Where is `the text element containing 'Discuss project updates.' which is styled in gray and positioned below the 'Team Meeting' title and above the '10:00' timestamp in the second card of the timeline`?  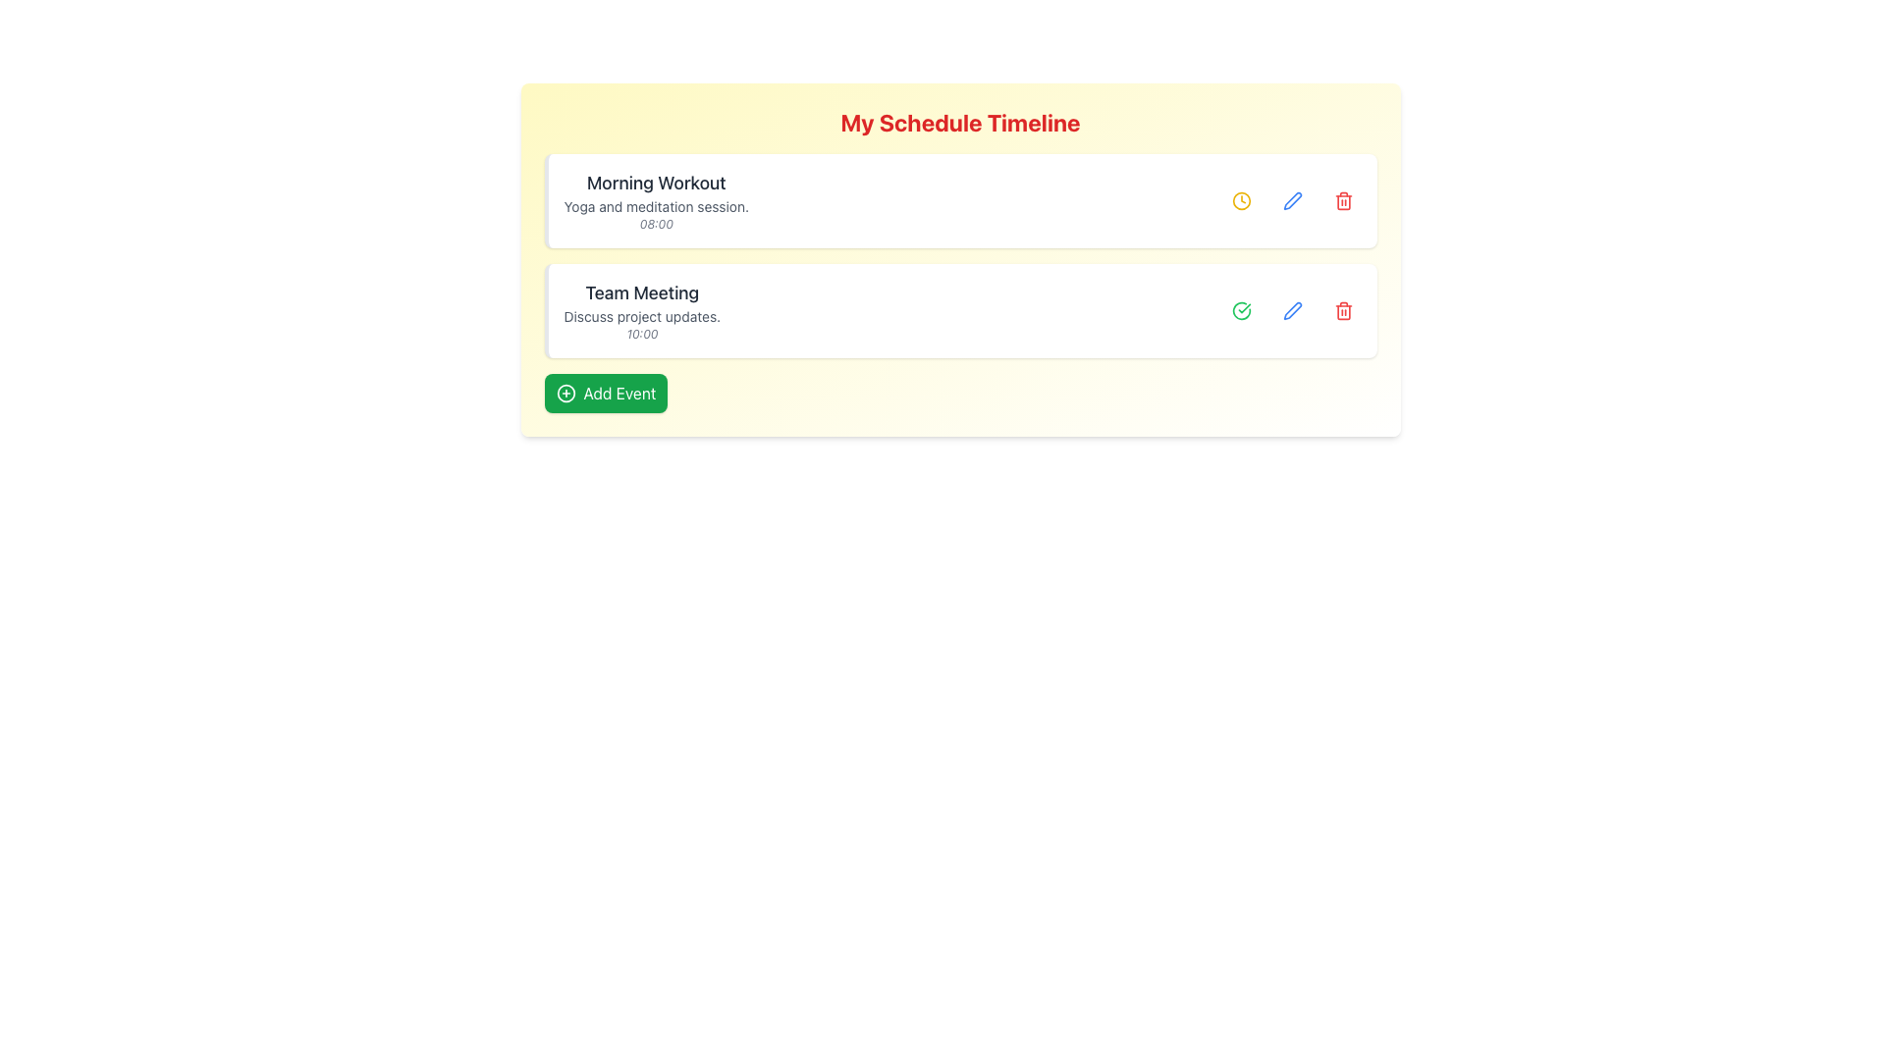
the text element containing 'Discuss project updates.' which is styled in gray and positioned below the 'Team Meeting' title and above the '10:00' timestamp in the second card of the timeline is located at coordinates (642, 316).